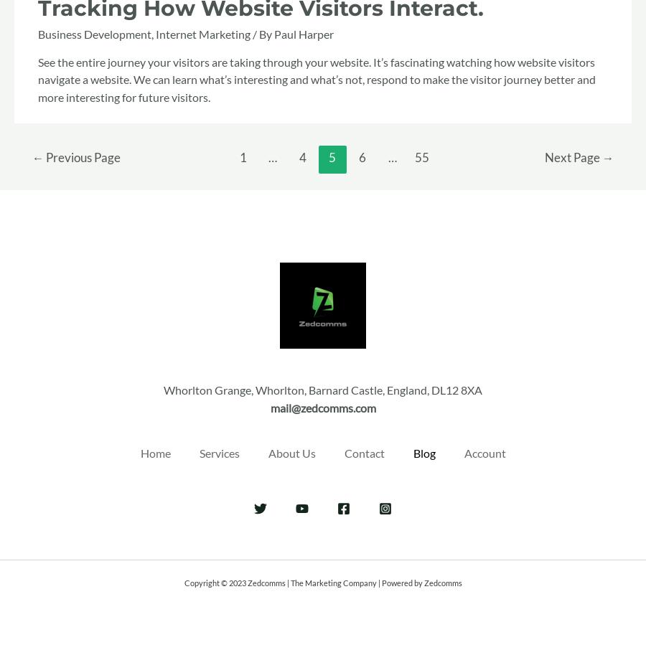 The width and height of the screenshot is (646, 645). I want to click on '6', so click(361, 157).